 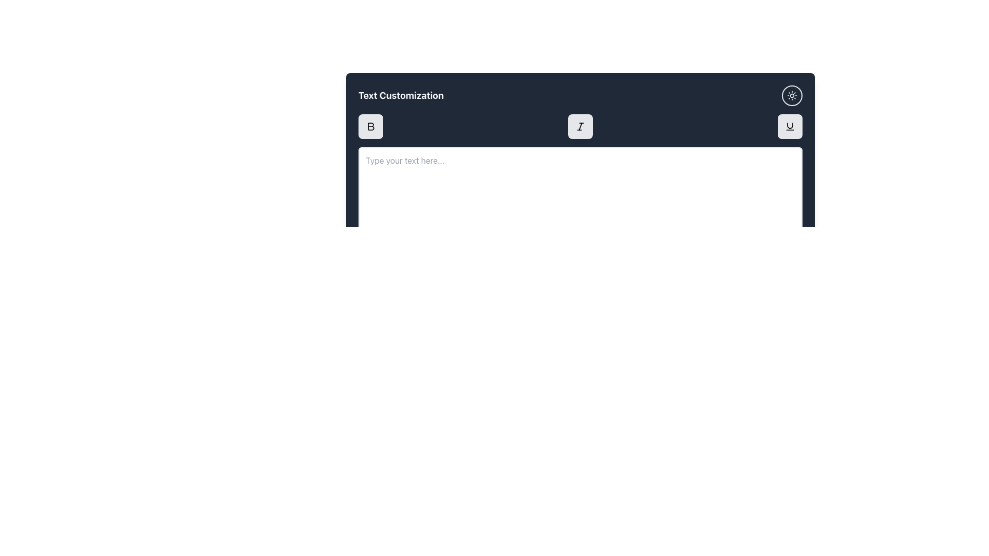 I want to click on the second button from the left in the text customization toolbar, so click(x=581, y=126).